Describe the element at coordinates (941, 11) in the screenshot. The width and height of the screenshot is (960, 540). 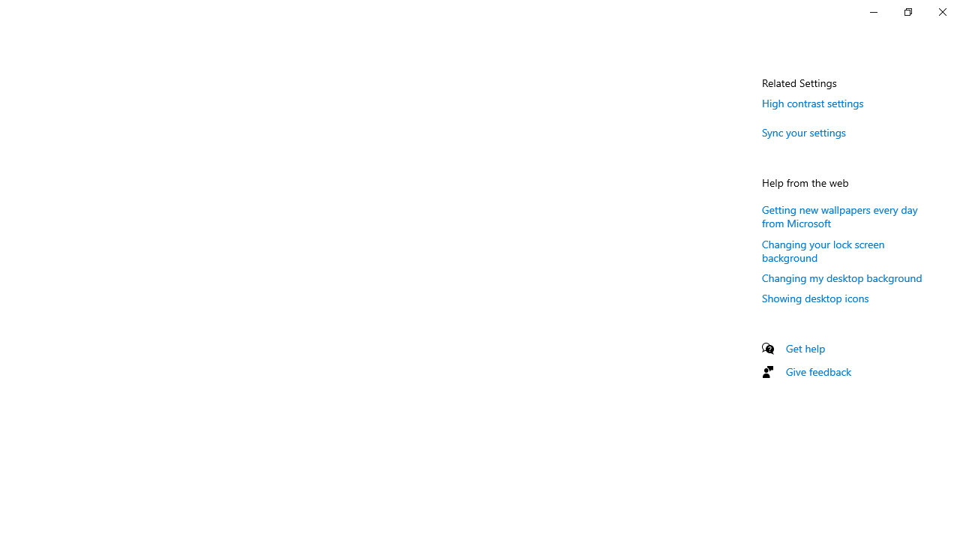
I see `'Close Settings'` at that location.